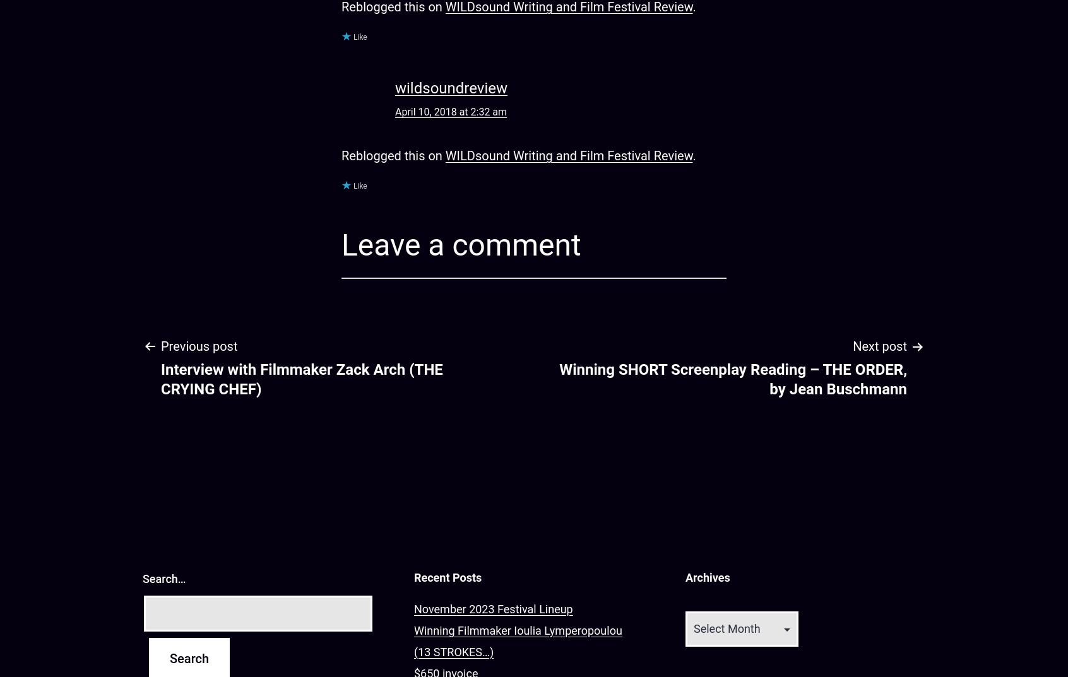  Describe the element at coordinates (880, 346) in the screenshot. I see `'Next post'` at that location.